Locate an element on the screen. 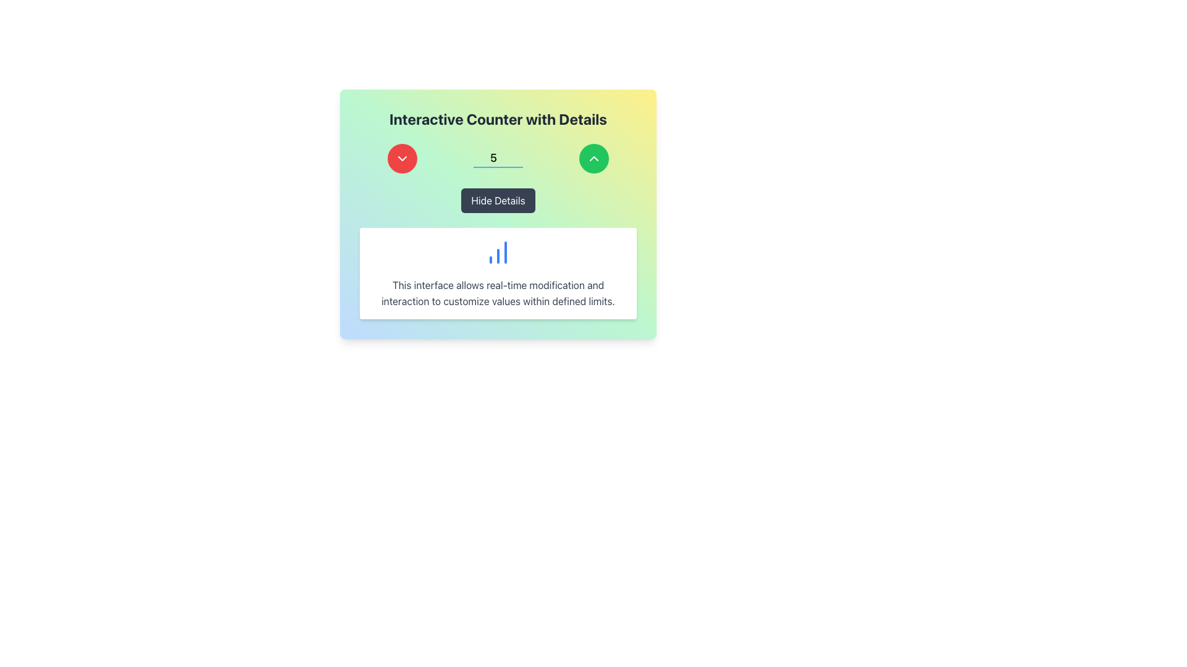  the upward-pointing chevron icon, which is a small white outline on a green circular button located at the top-right side of the interface is located at coordinates (593, 158).